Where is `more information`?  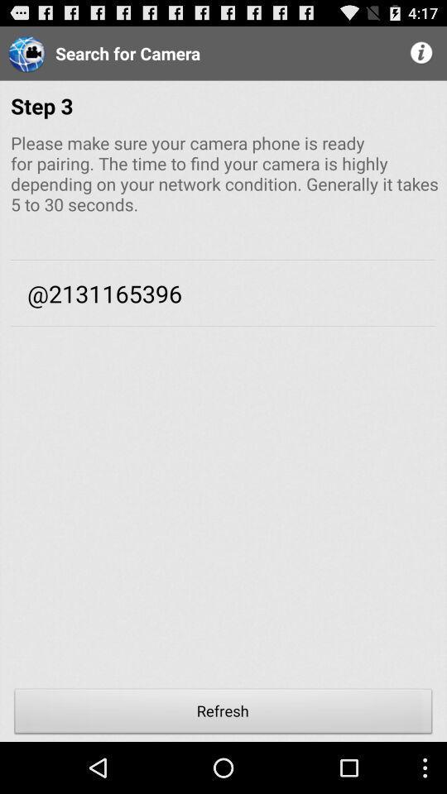 more information is located at coordinates (422, 53).